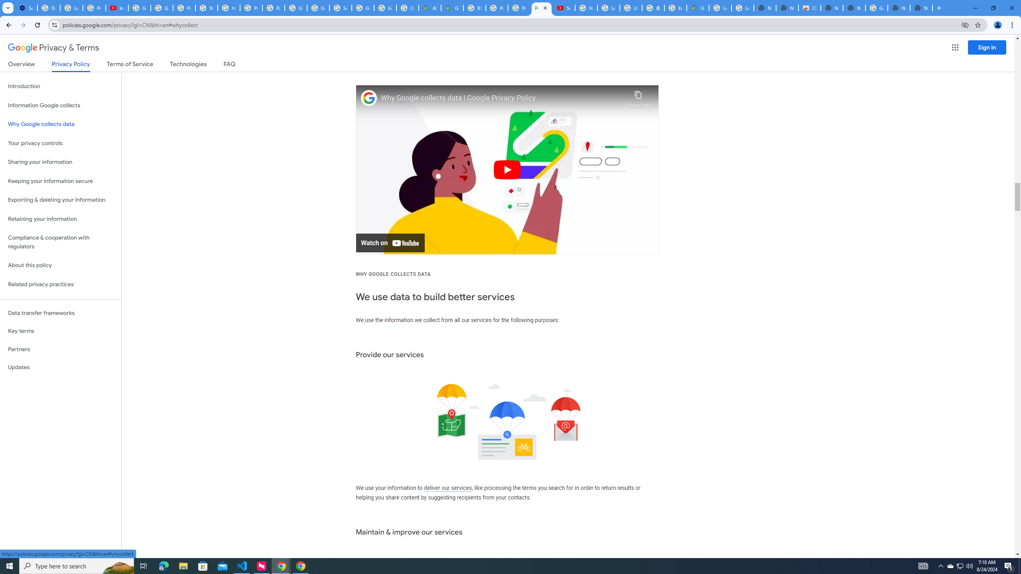  I want to click on 'Play', so click(507, 169).